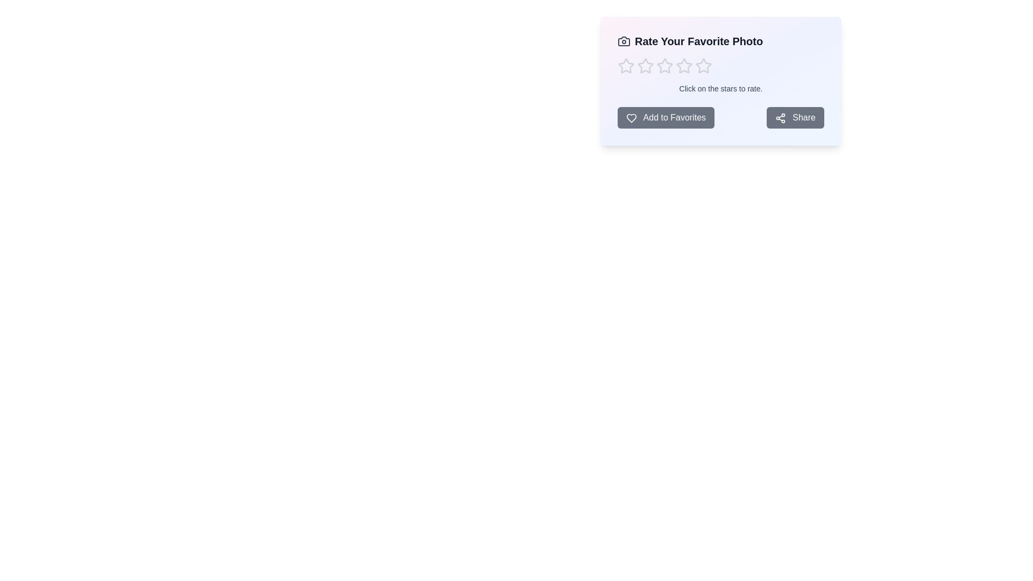 The image size is (1033, 581). Describe the element at coordinates (632, 118) in the screenshot. I see `the visual appearance of the heart-shaped icon located to the left of the 'Add to Favorites' button` at that location.